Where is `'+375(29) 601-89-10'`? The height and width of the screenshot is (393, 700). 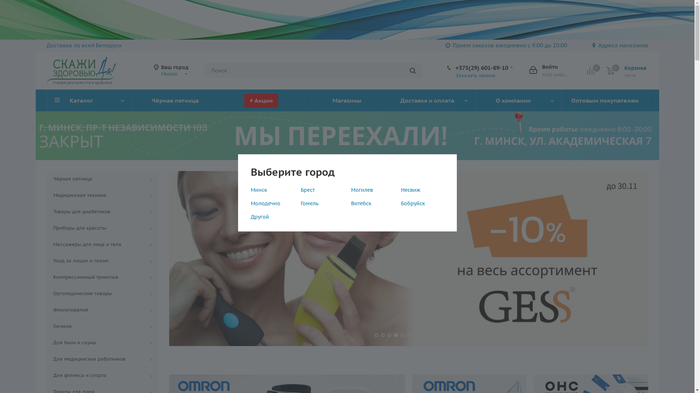
'+375(29) 601-89-10' is located at coordinates (455, 67).